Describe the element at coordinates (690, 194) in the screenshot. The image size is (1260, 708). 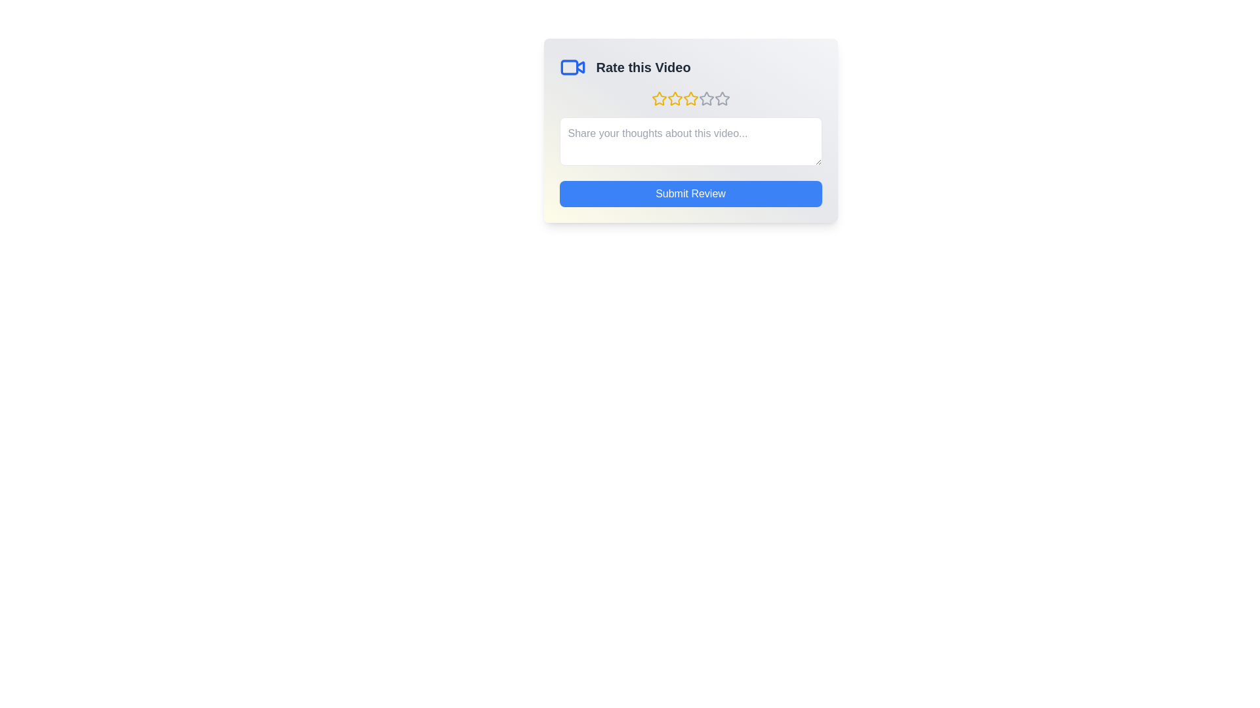
I see `the 'Submit Review' button to submit the rating` at that location.